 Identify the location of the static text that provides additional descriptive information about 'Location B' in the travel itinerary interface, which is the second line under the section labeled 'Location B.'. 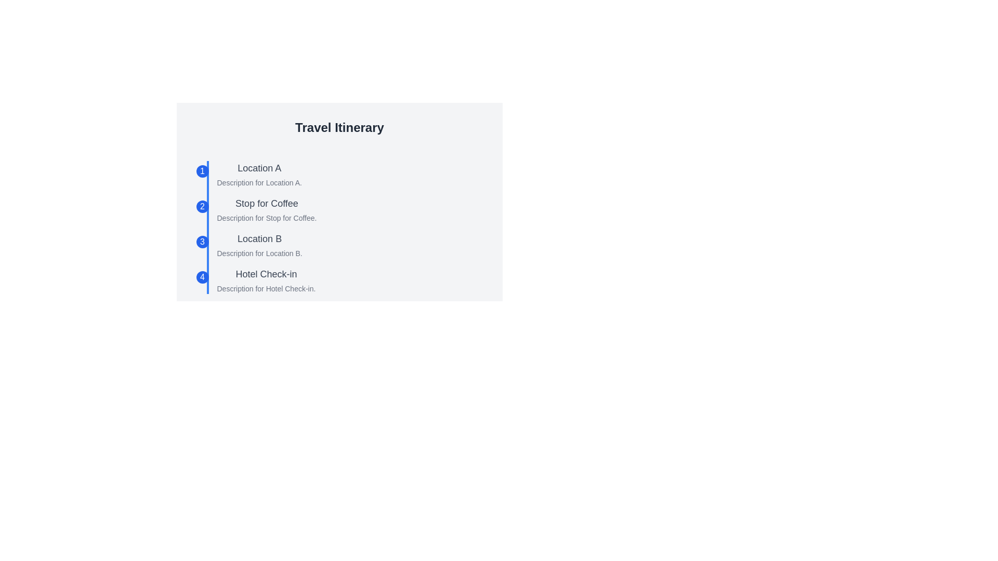
(259, 253).